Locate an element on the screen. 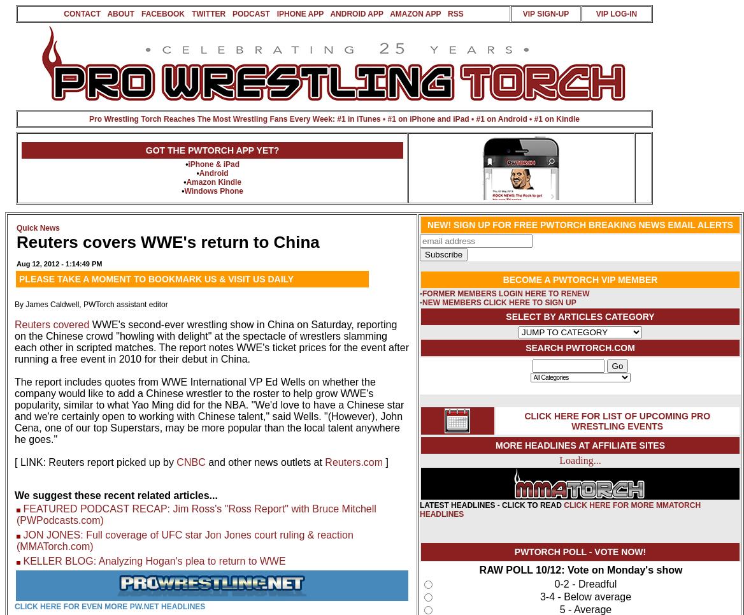 The image size is (744, 615). 'LATEST HEADLINES - CLICK TO READ' is located at coordinates (492, 505).